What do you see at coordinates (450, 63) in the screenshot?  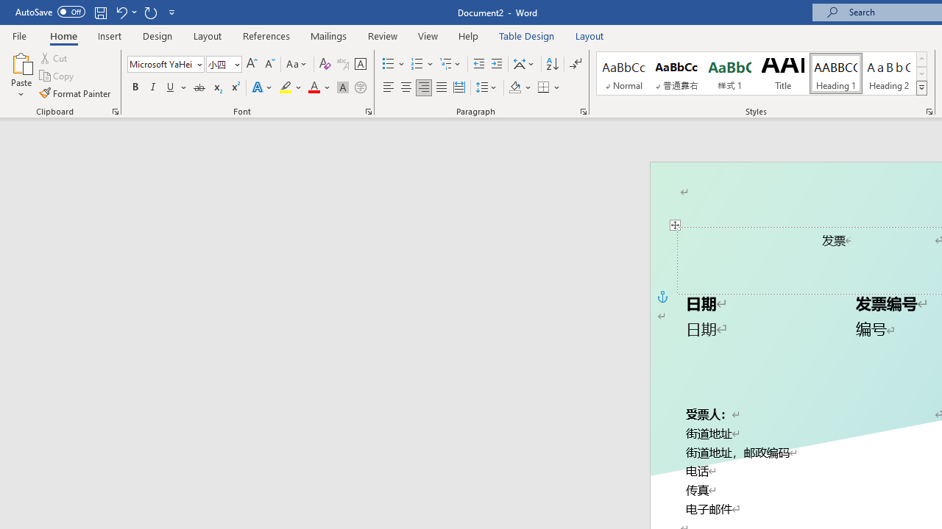 I see `'Multilevel List'` at bounding box center [450, 63].